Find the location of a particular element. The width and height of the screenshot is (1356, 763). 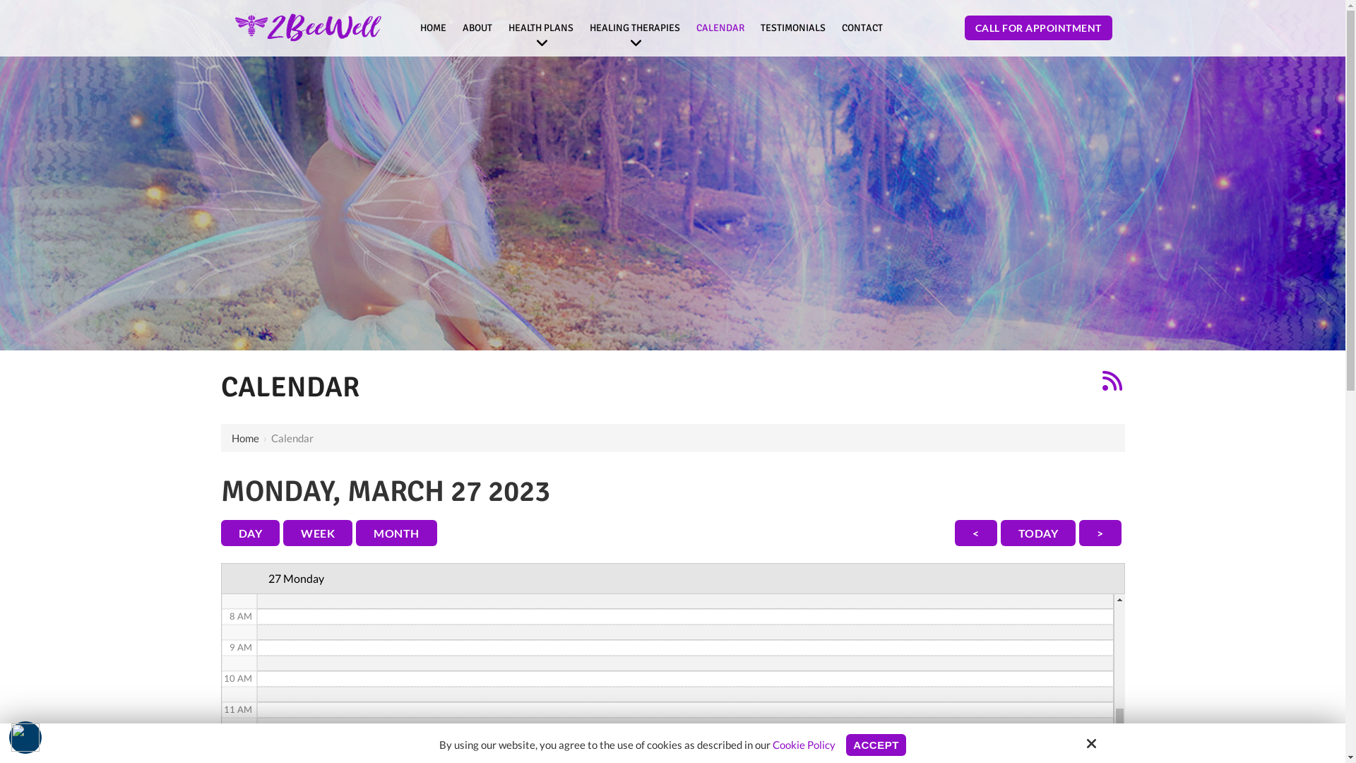

'TODAY' is located at coordinates (1037, 533).